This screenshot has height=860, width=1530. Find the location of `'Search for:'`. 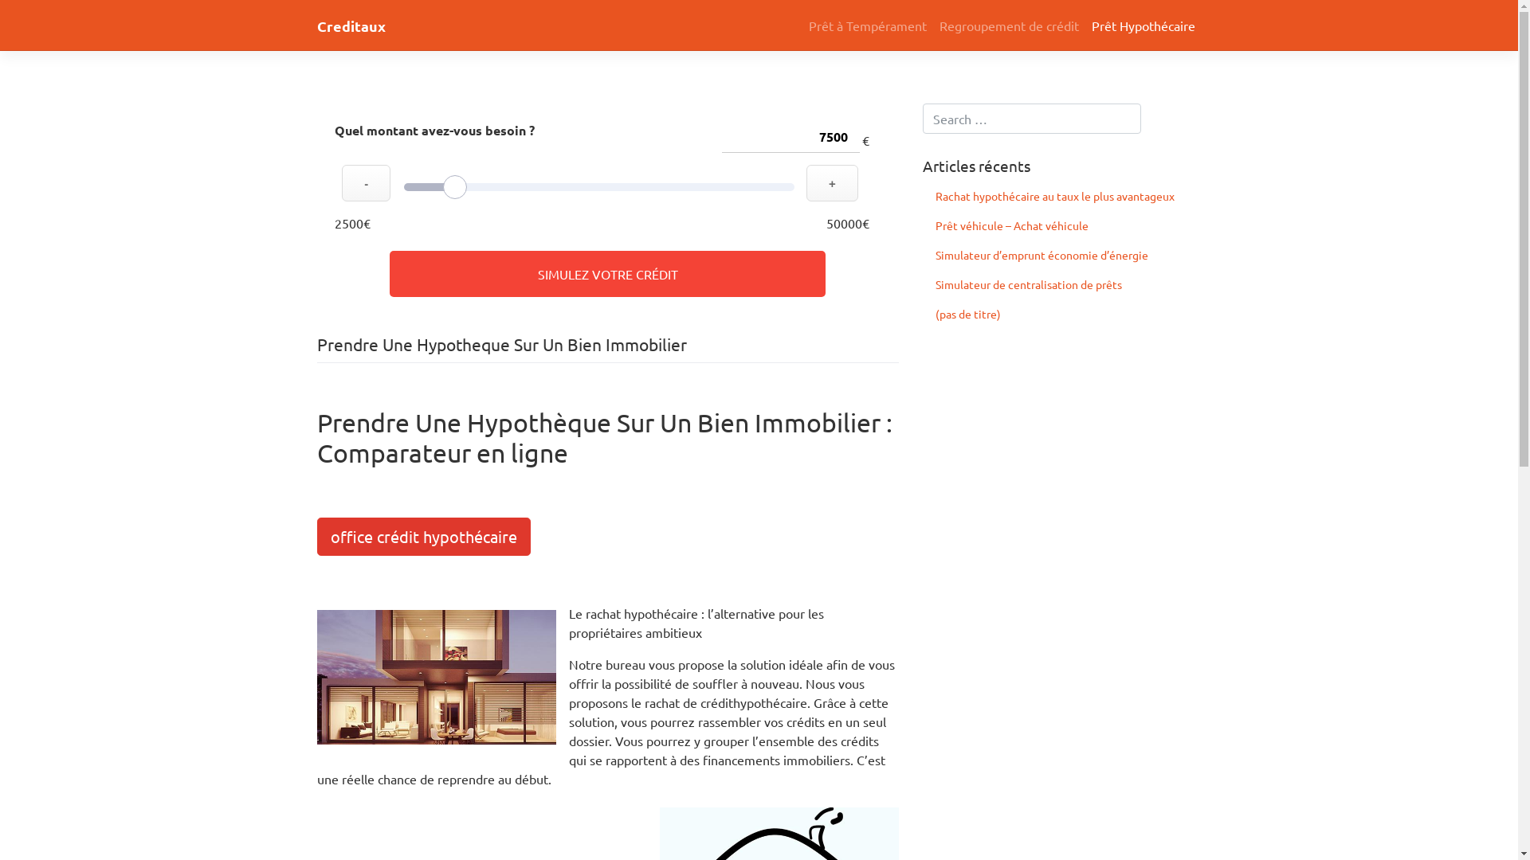

'Search for:' is located at coordinates (1032, 118).